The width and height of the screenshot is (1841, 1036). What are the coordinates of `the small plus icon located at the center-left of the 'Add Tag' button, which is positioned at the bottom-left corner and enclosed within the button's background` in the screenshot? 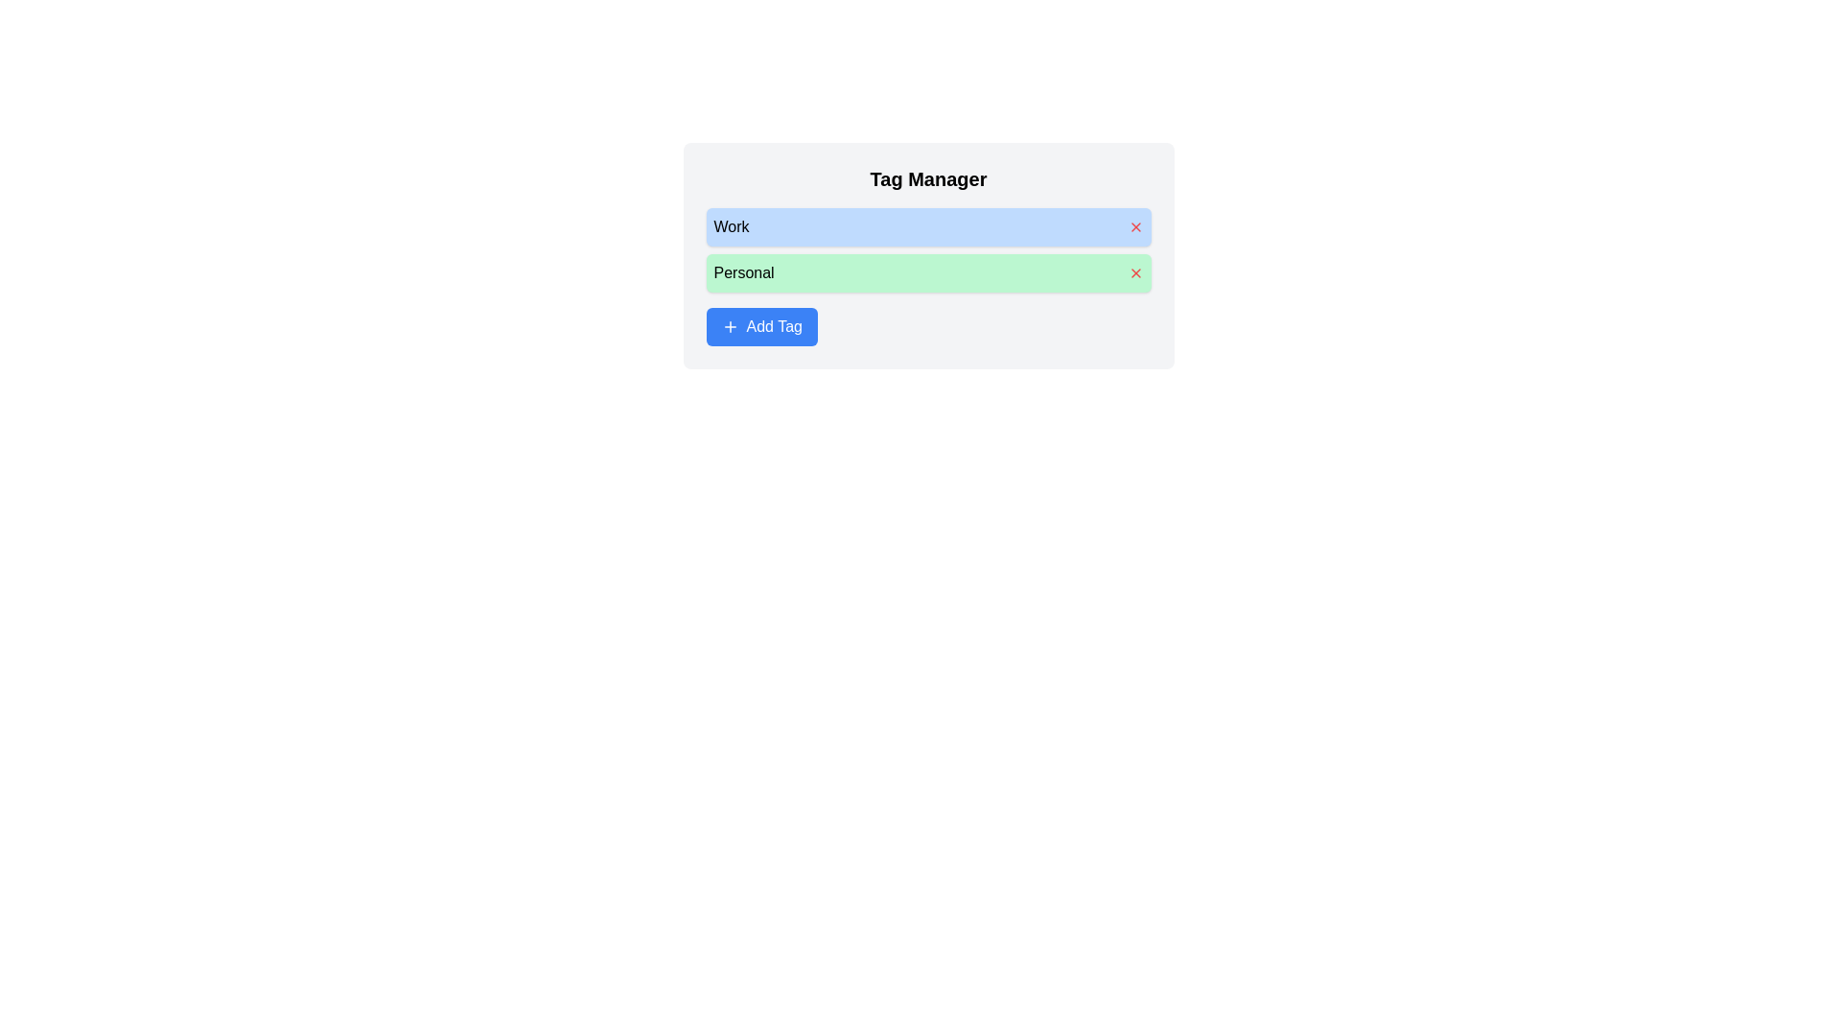 It's located at (729, 325).